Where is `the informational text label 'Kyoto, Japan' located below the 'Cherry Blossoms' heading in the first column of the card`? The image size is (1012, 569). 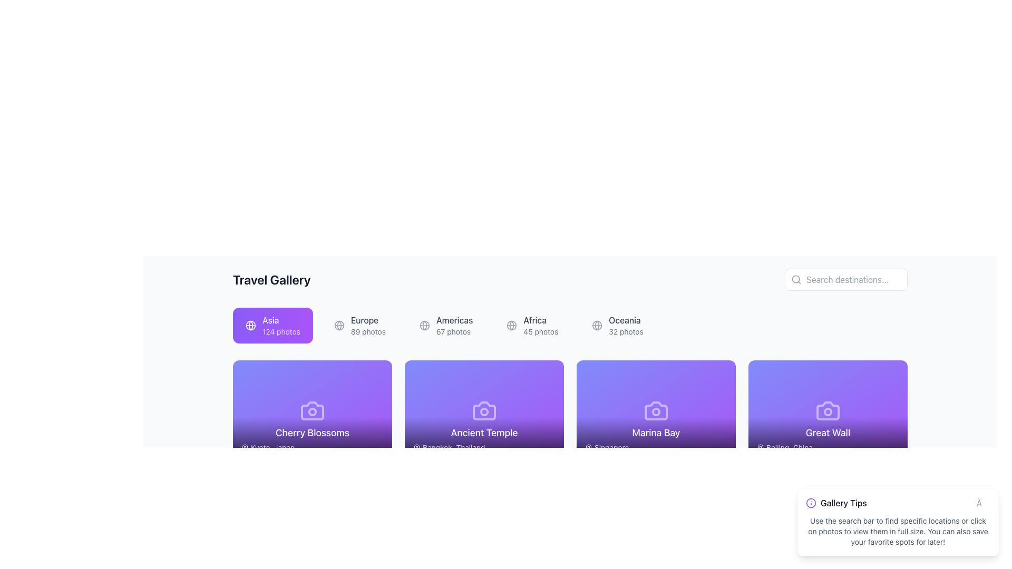
the informational text label 'Kyoto, Japan' located below the 'Cherry Blossoms' heading in the first column of the card is located at coordinates (312, 447).